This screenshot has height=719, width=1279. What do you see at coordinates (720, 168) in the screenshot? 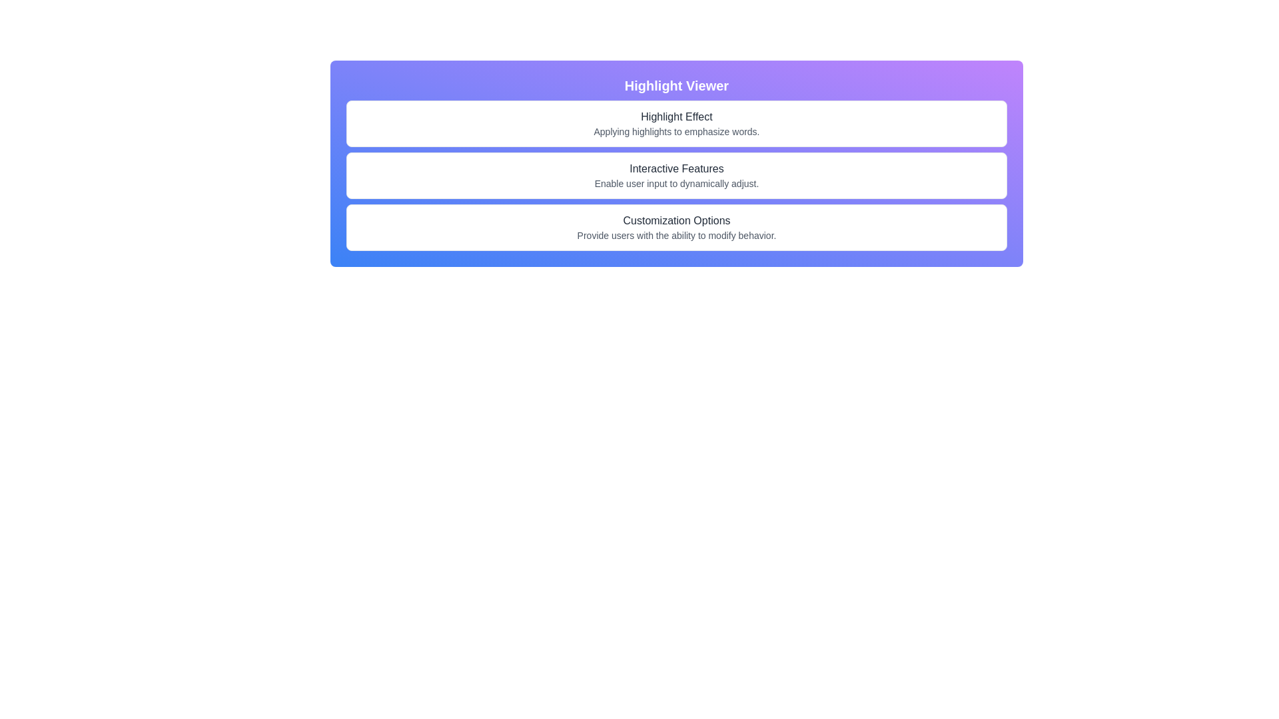
I see `the text element displaying the letter 's' in the phrase 'Interactive Features', styled in medium-weight gray font` at bounding box center [720, 168].